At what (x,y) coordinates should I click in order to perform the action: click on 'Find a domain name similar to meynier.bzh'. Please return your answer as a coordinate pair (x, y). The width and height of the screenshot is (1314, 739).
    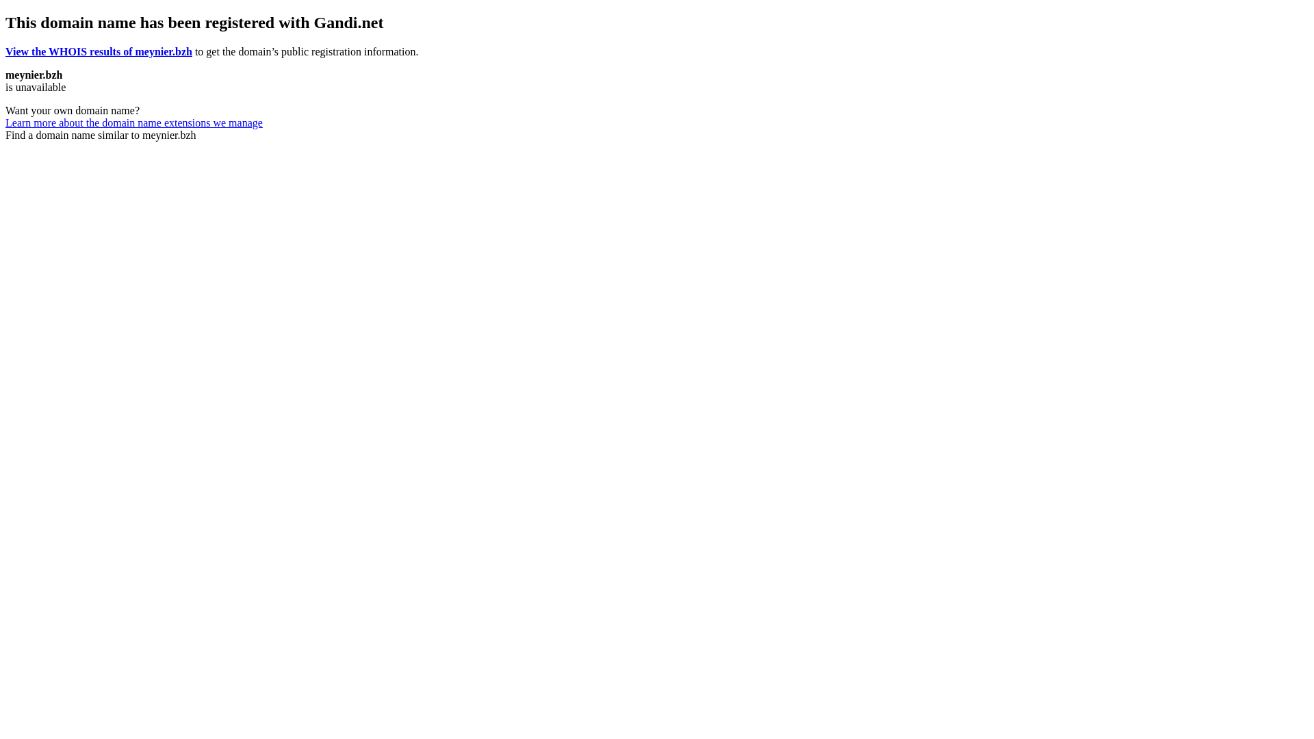
    Looking at the image, I should click on (100, 135).